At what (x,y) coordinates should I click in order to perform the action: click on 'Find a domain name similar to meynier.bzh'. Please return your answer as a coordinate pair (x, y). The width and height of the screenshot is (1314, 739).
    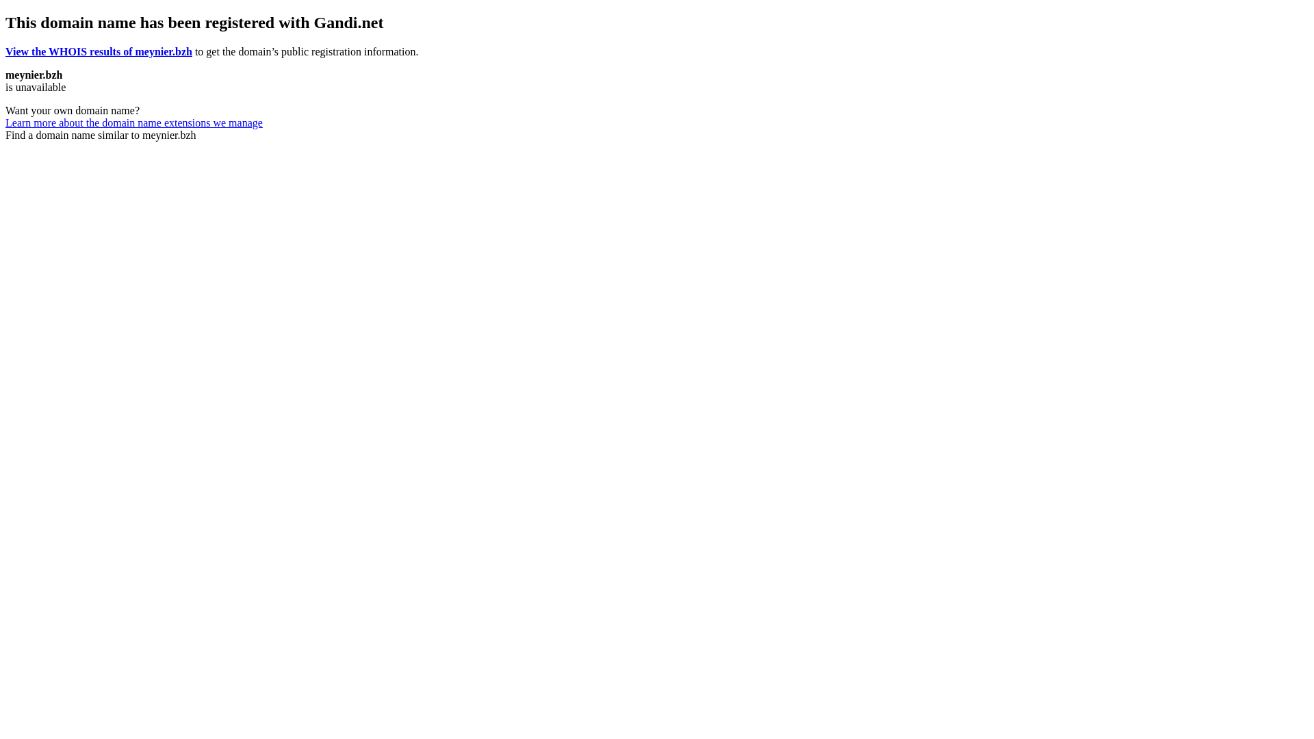
    Looking at the image, I should click on (100, 135).